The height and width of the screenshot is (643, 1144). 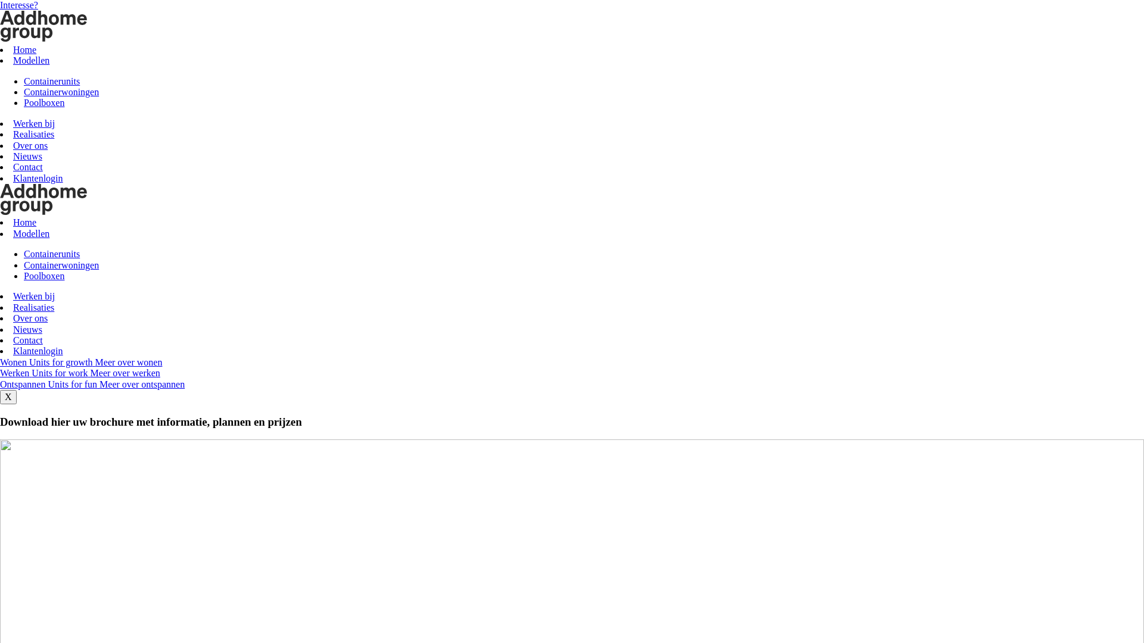 I want to click on 'Ontspannen Units for fun Meer over ontspannen', so click(x=91, y=384).